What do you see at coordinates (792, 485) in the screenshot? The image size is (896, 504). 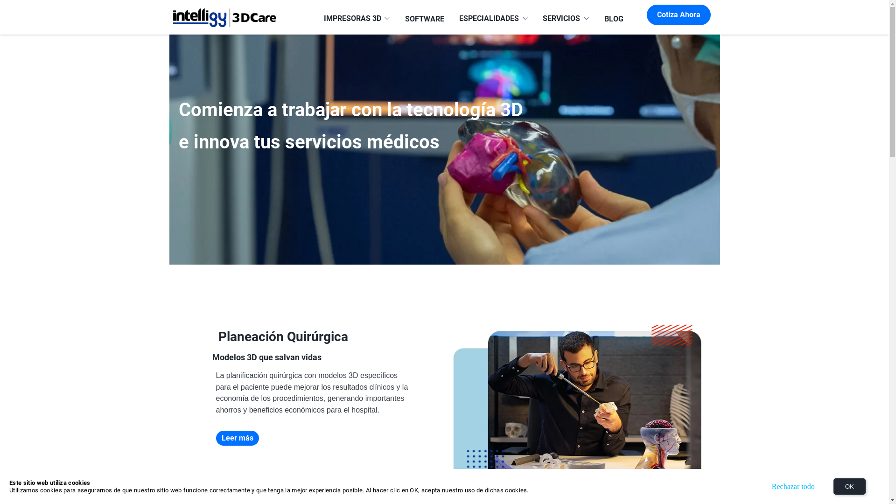 I see `'Rechazar todo'` at bounding box center [792, 485].